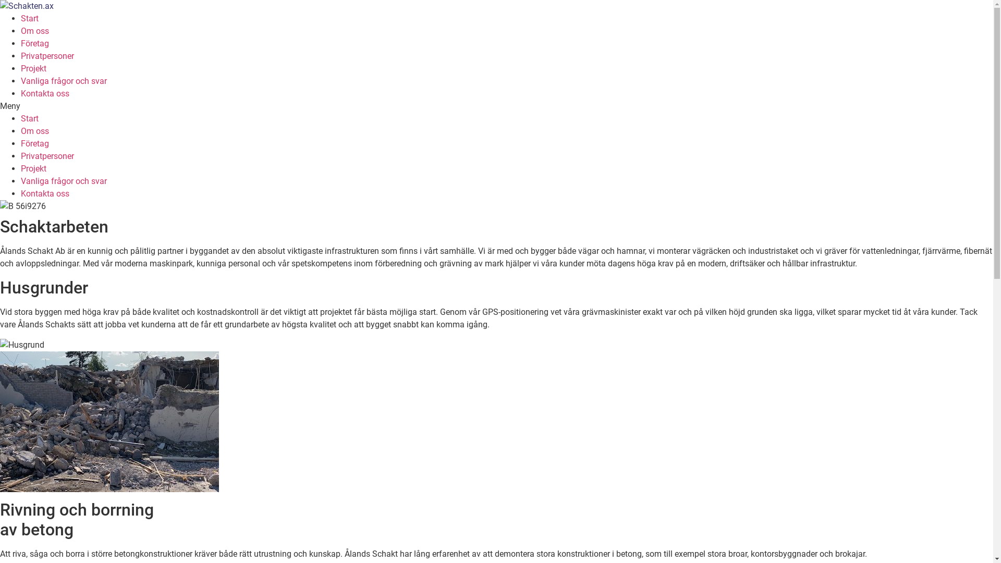 This screenshot has height=563, width=1001. Describe the element at coordinates (30, 18) in the screenshot. I see `'Start'` at that location.